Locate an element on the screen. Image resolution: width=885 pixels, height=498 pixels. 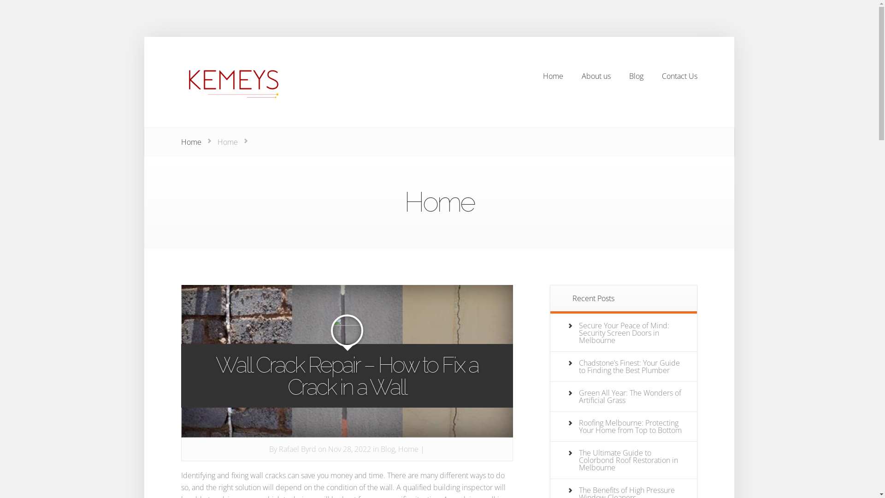
'Contact Us' is located at coordinates (679, 76).